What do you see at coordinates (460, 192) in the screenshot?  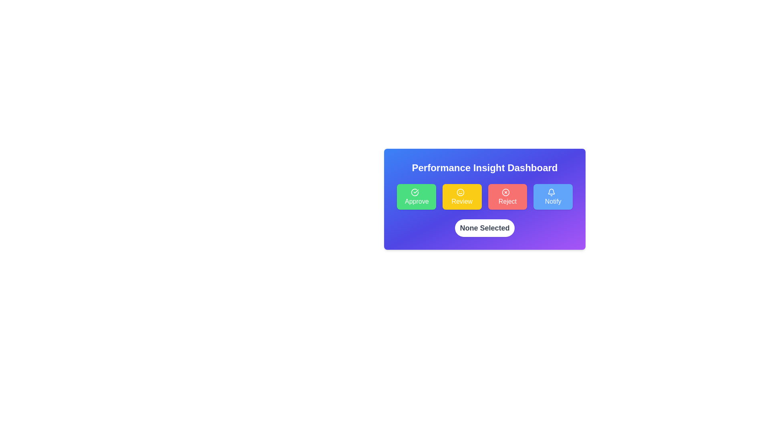 I see `the 'Review' button, which is the second button in a row of four actions and contains the 'Review' icon` at bounding box center [460, 192].